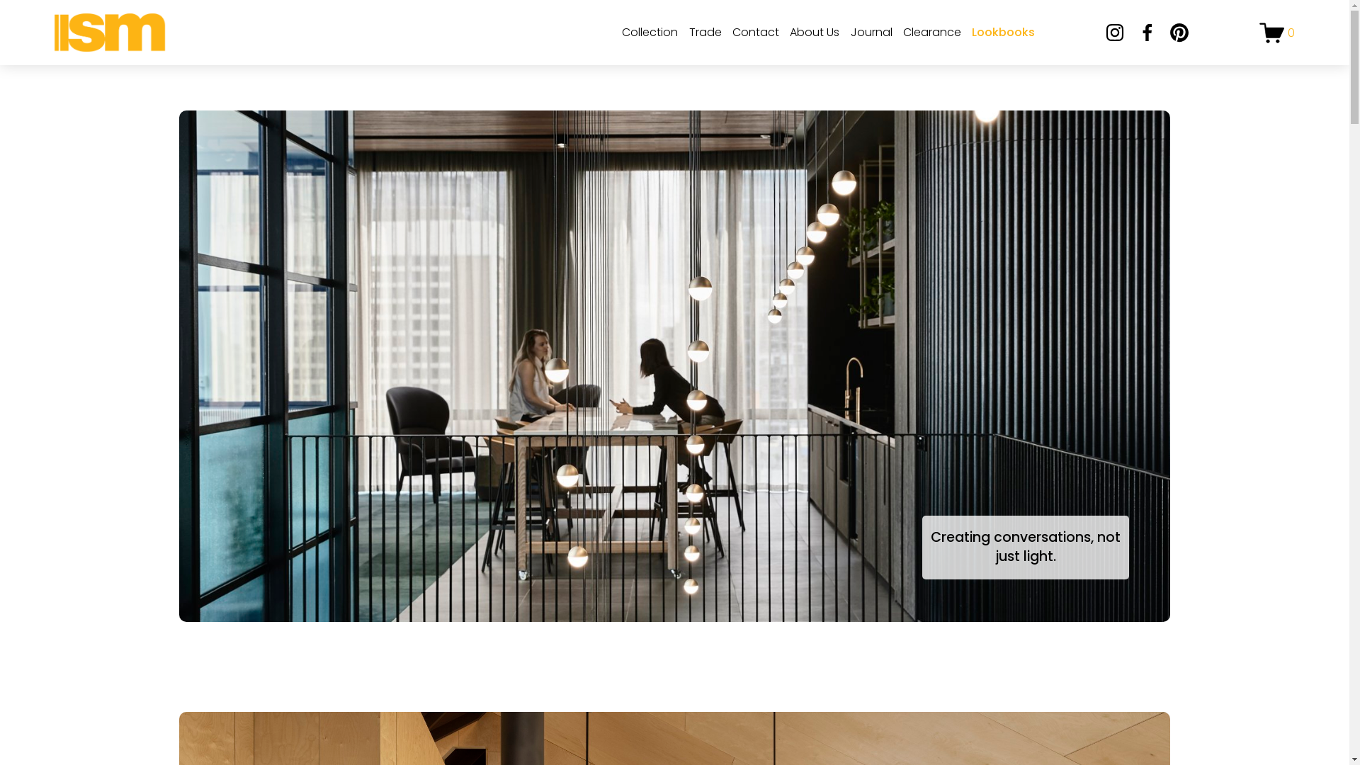 The width and height of the screenshot is (1360, 765). I want to click on 'Lookbooks', so click(1002, 32).